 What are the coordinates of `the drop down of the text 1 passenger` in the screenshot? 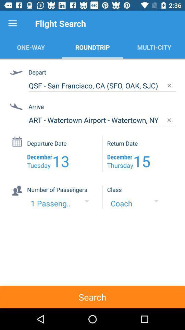 It's located at (62, 201).